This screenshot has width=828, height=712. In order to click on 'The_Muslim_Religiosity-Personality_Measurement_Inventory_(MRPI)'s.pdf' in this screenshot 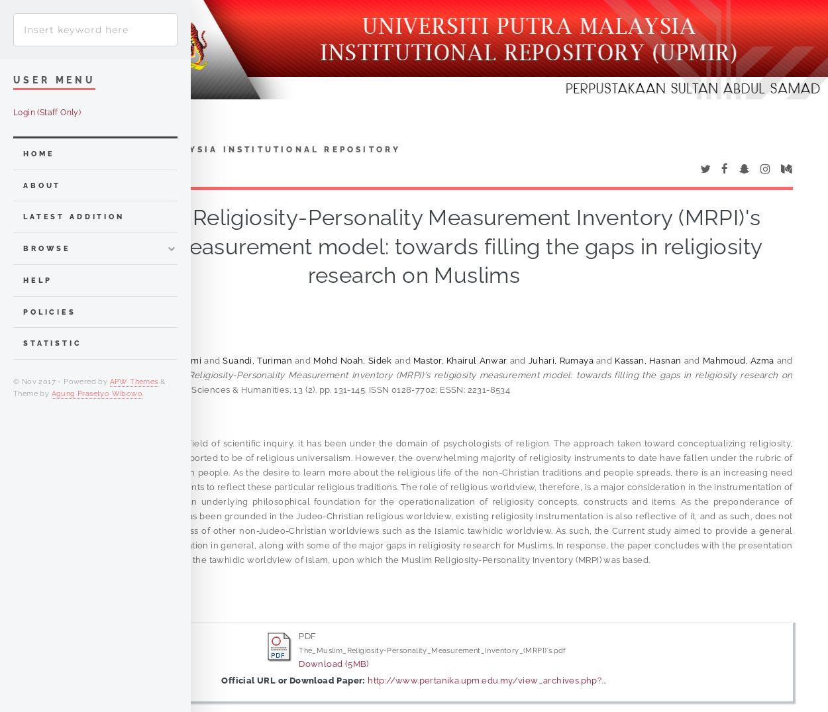, I will do `click(298, 650)`.